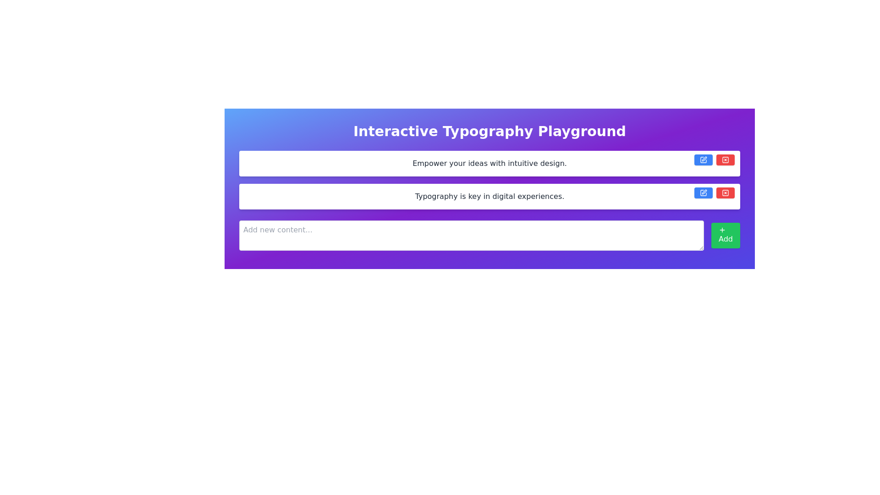 This screenshot has width=880, height=495. I want to click on the edit button located to the far right of the upper input field, which allows users to modify the content of the associated item, so click(703, 159).